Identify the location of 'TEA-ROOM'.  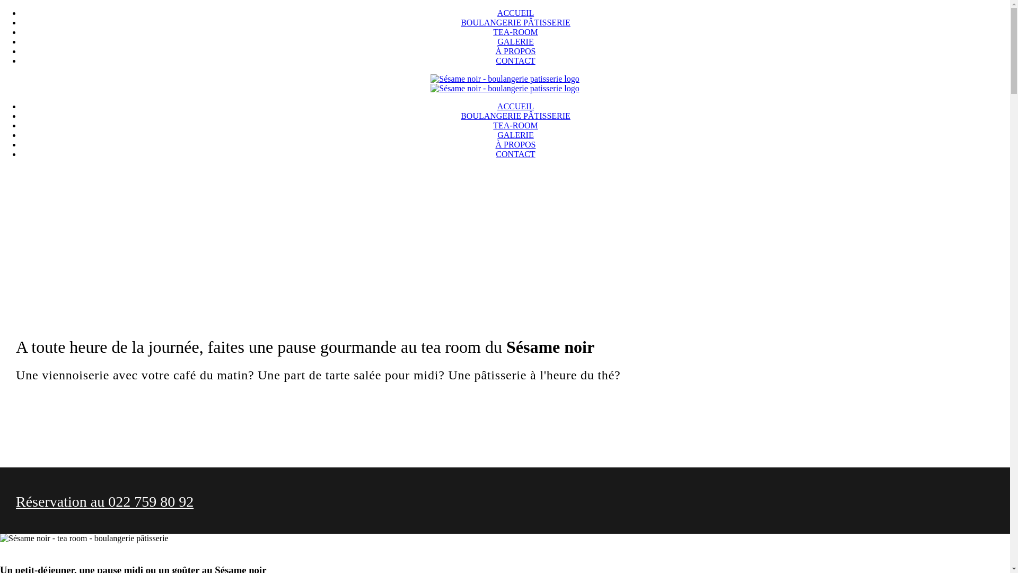
(493, 31).